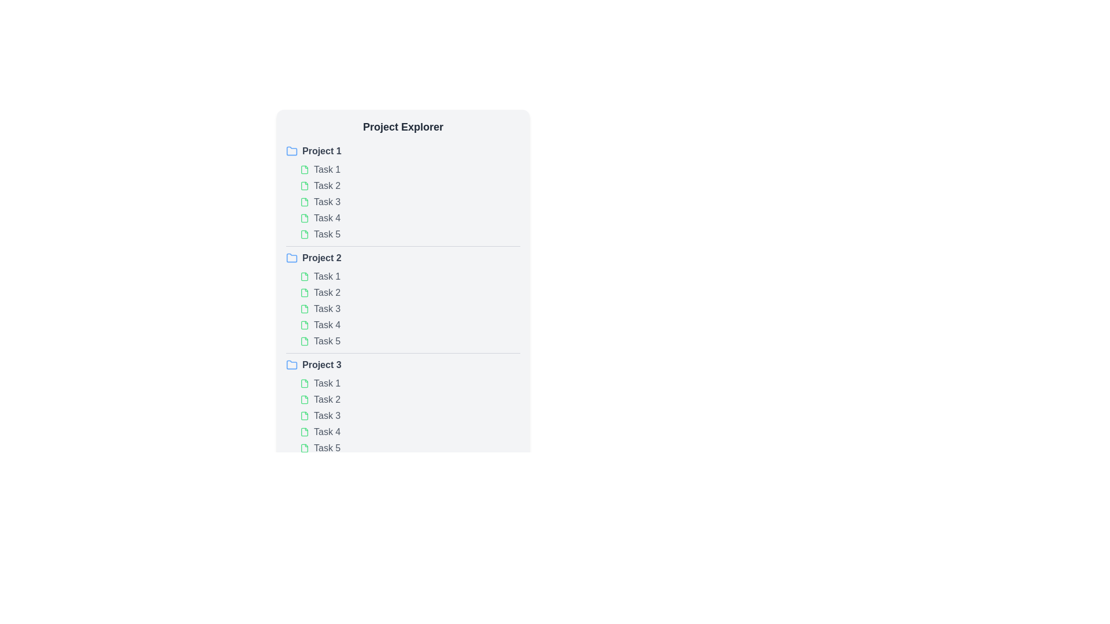  Describe the element at coordinates (327, 169) in the screenshot. I see `the 'Task 1' text label in gray font` at that location.